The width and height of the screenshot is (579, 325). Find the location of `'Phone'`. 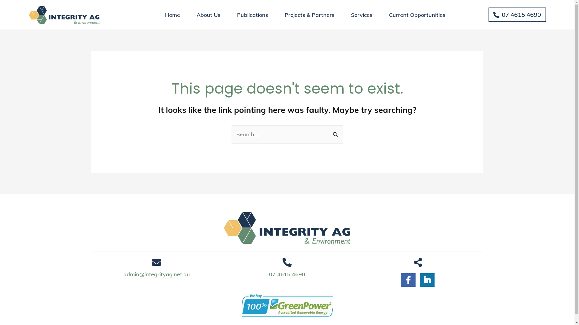

'Phone' is located at coordinates (286, 262).